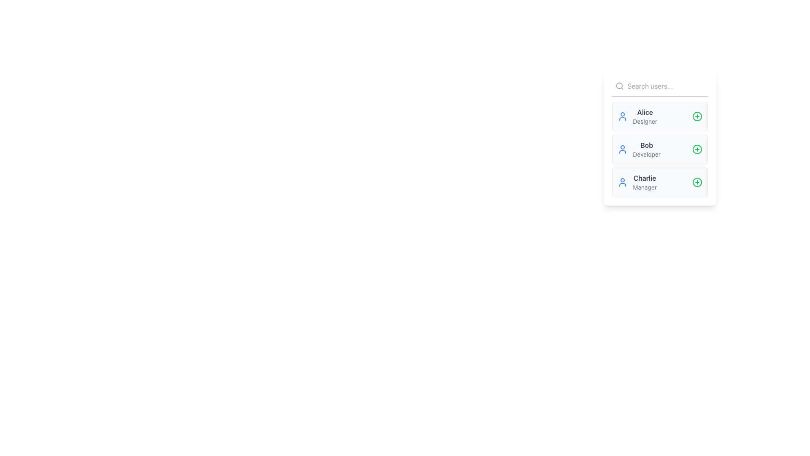  What do you see at coordinates (644, 177) in the screenshot?
I see `text displayed in the bold dark gray label named 'Charlie', positioned above the 'Manager' label in the third user entry box of the user selection interface` at bounding box center [644, 177].